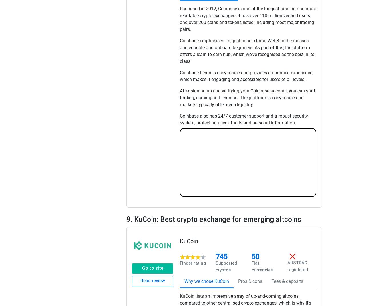  Describe the element at coordinates (255, 256) in the screenshot. I see `'50'` at that location.